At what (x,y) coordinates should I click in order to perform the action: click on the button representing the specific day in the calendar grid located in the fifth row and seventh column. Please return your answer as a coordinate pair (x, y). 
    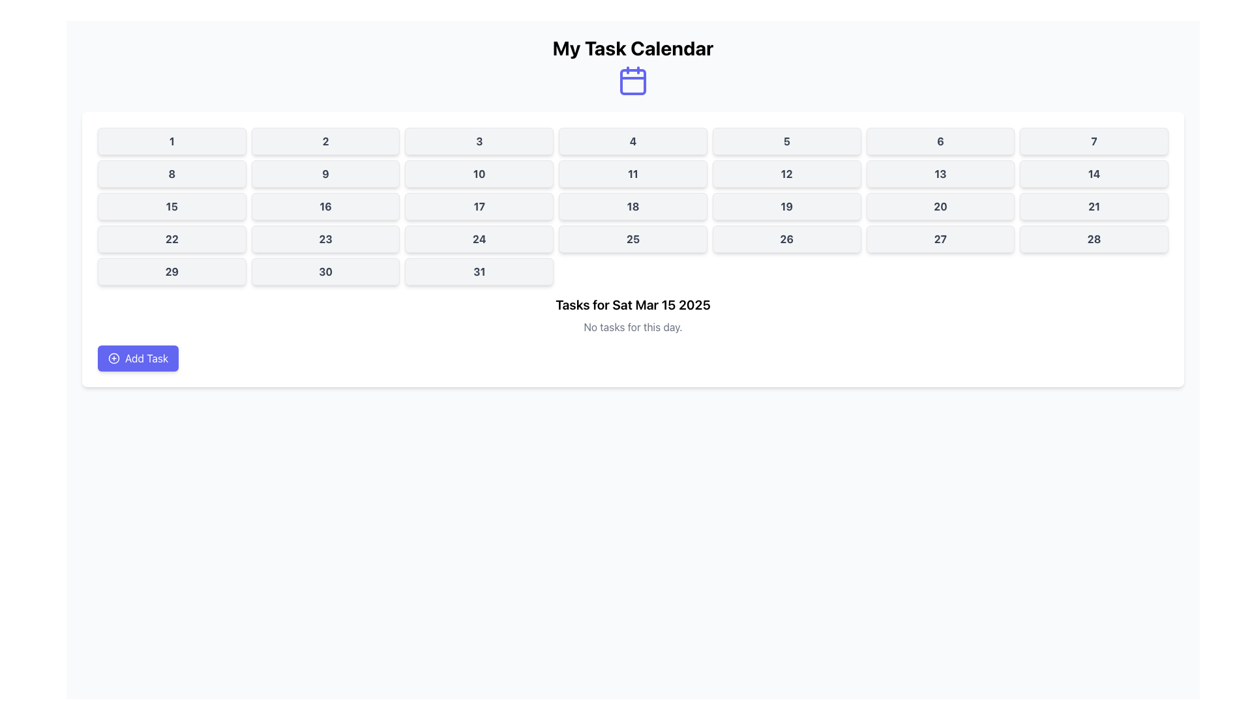
    Looking at the image, I should click on (1094, 239).